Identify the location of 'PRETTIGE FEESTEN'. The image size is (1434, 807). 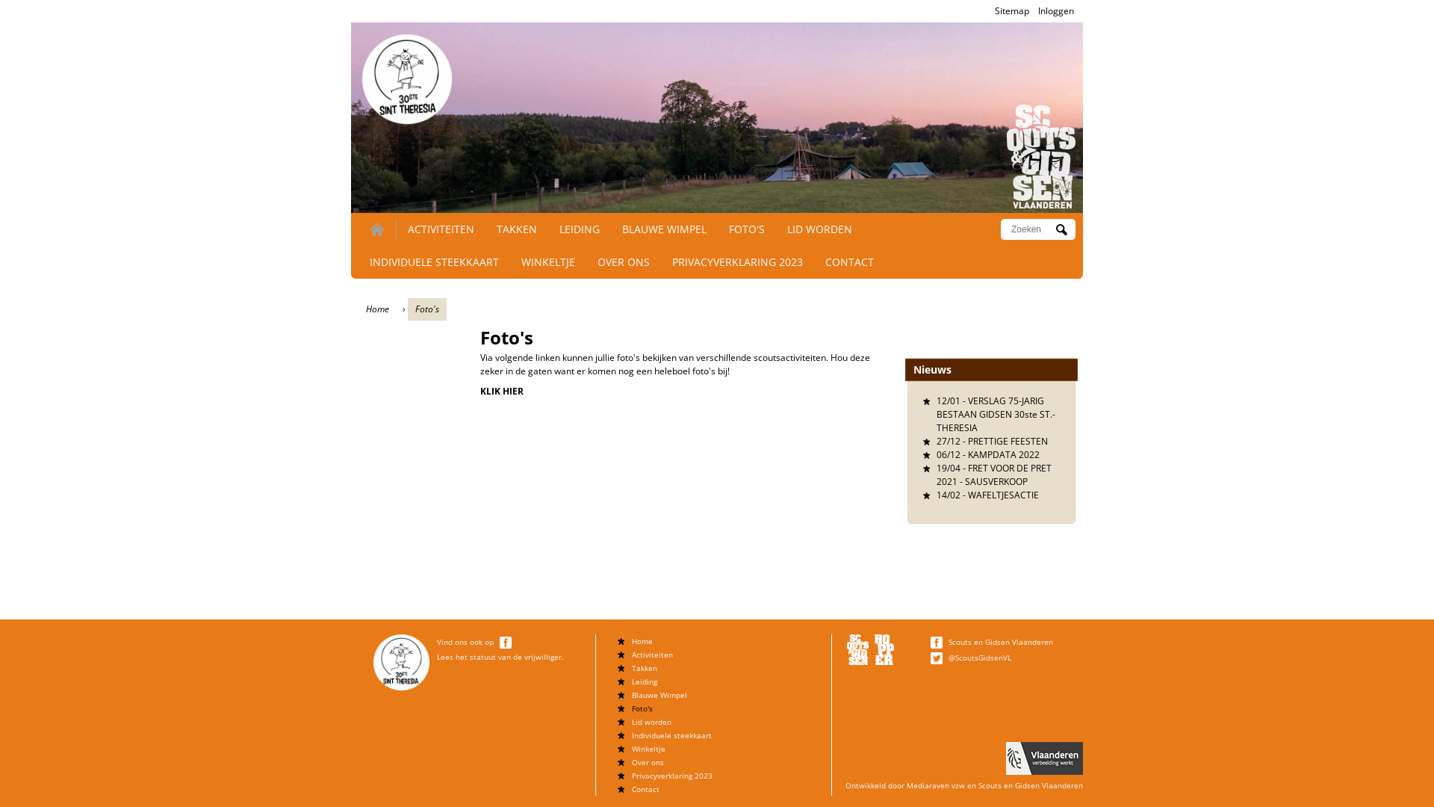
(1008, 440).